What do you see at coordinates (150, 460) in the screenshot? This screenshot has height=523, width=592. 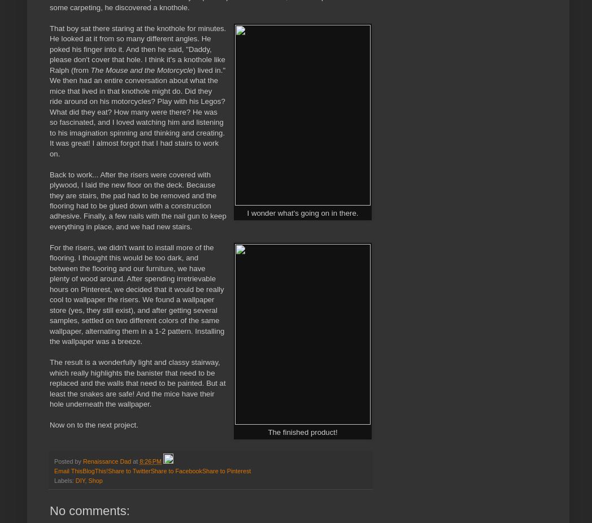 I see `'8:26 PM'` at bounding box center [150, 460].